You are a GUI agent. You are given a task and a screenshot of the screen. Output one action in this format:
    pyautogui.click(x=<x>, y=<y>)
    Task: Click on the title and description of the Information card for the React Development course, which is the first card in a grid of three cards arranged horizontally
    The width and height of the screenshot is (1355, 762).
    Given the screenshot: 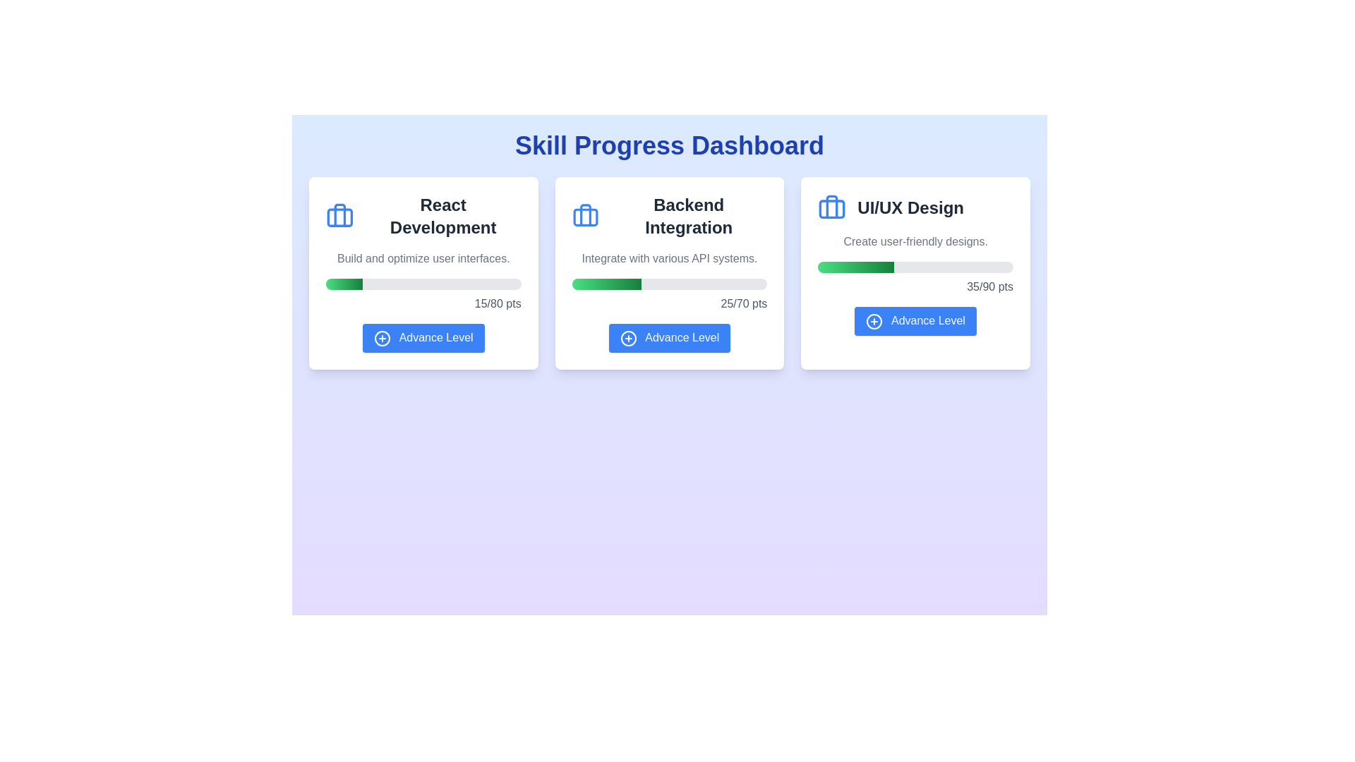 What is the action you would take?
    pyautogui.click(x=423, y=273)
    